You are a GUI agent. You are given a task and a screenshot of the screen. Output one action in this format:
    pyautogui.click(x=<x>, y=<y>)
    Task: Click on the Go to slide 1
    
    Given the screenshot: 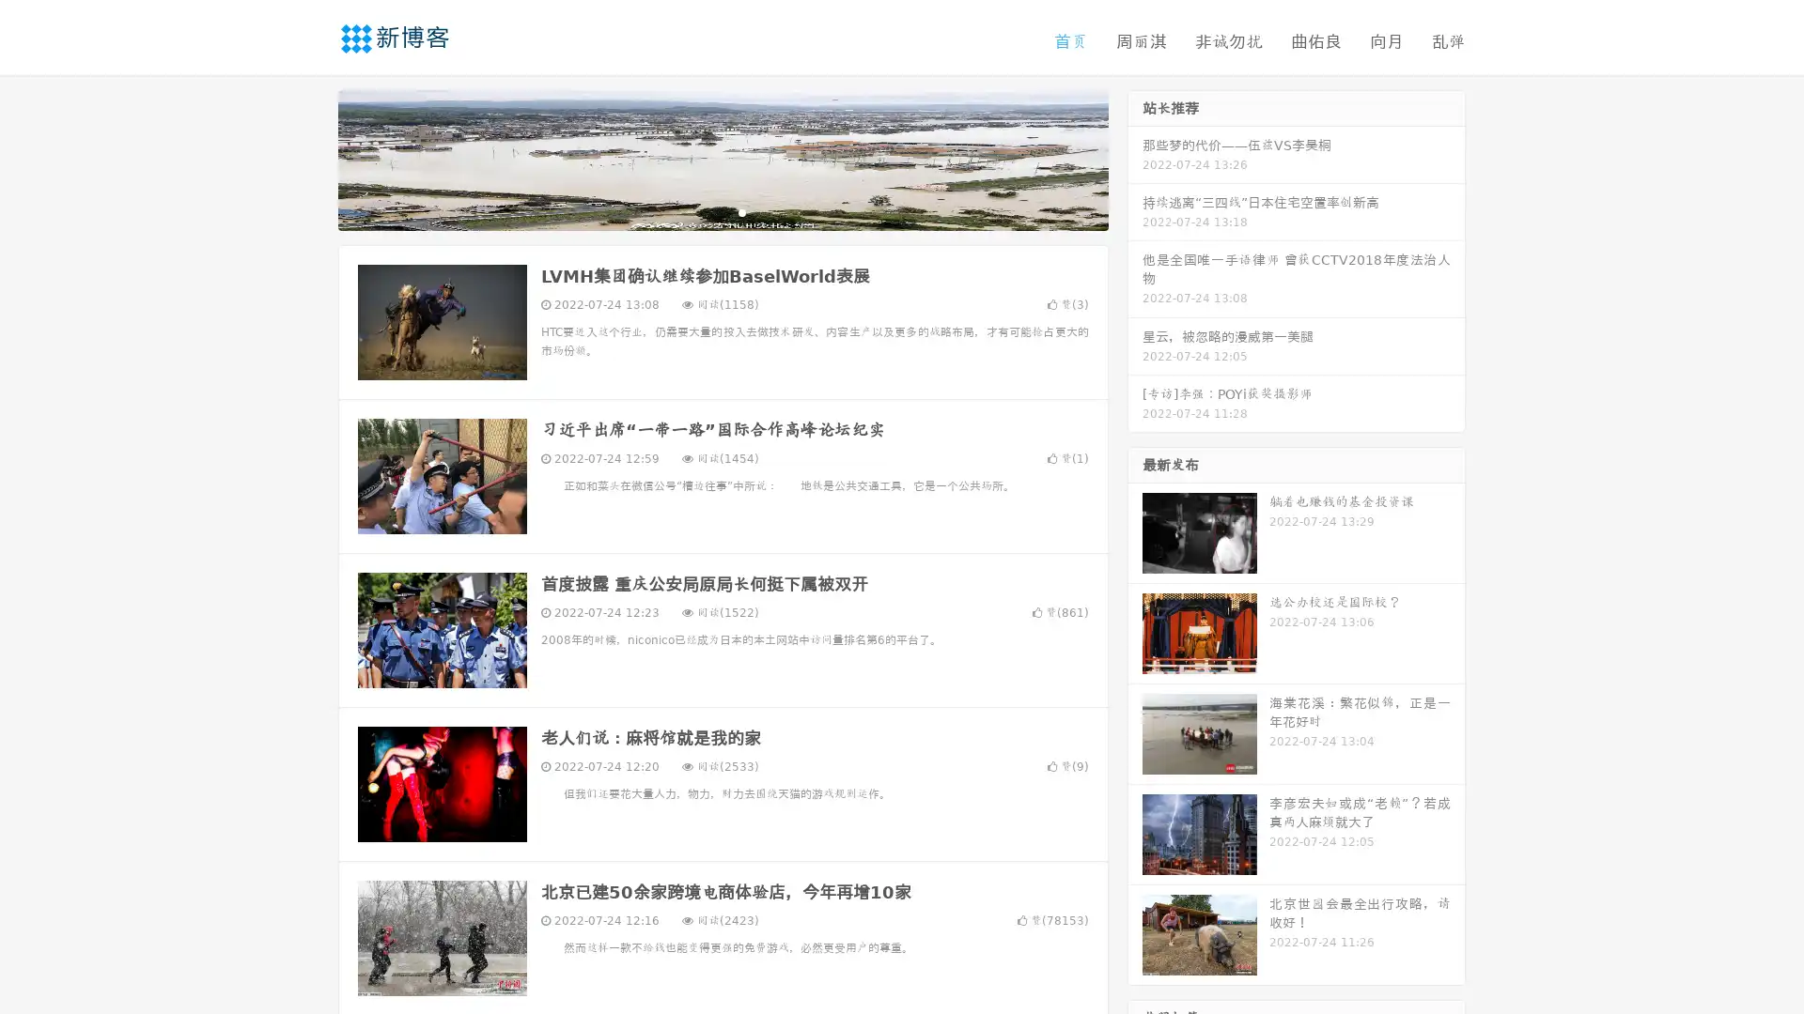 What is the action you would take?
    pyautogui.click(x=703, y=211)
    